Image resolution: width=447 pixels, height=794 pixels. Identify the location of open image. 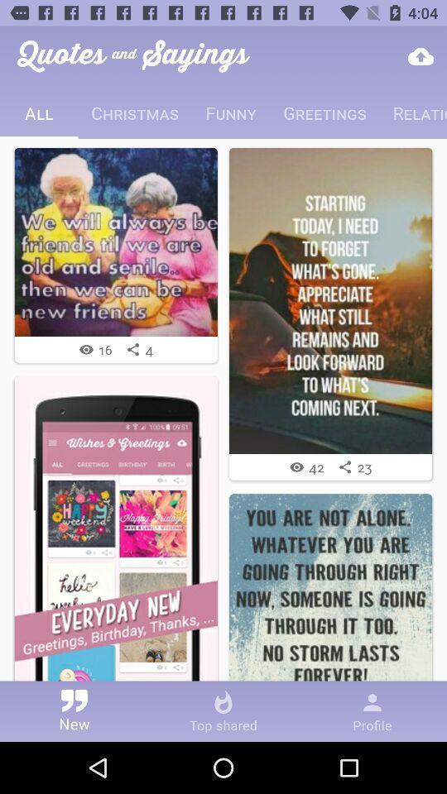
(330, 299).